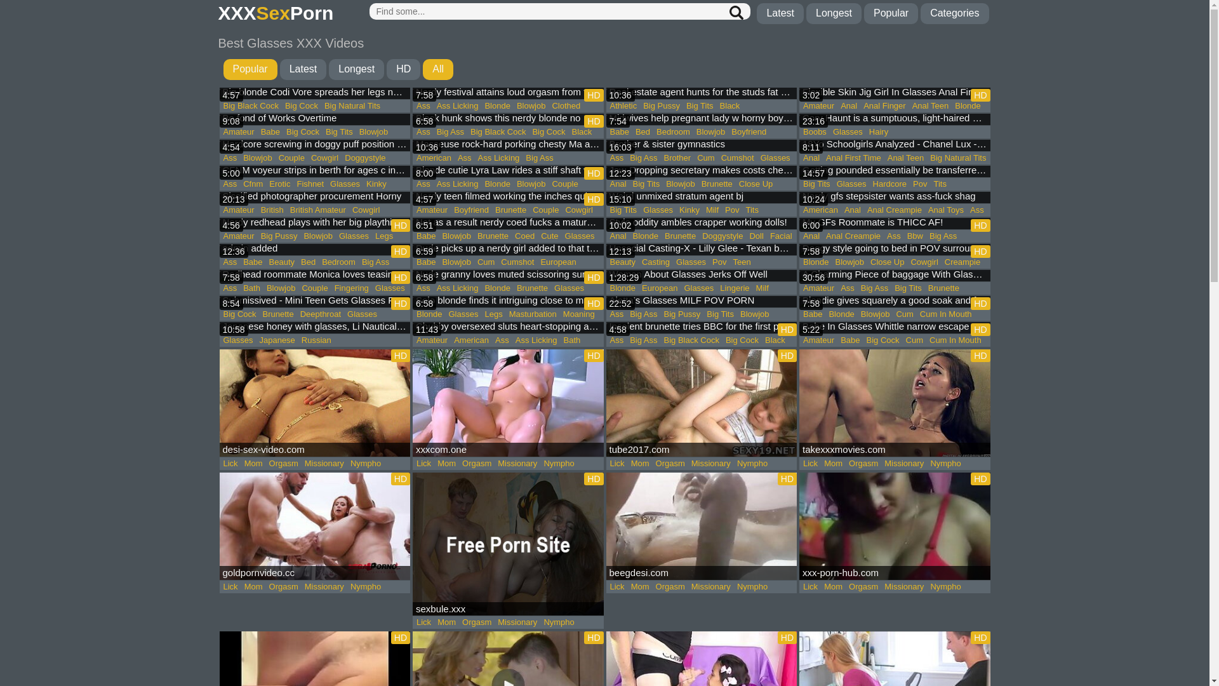 The image size is (1219, 686). What do you see at coordinates (532, 288) in the screenshot?
I see `'Brunette'` at bounding box center [532, 288].